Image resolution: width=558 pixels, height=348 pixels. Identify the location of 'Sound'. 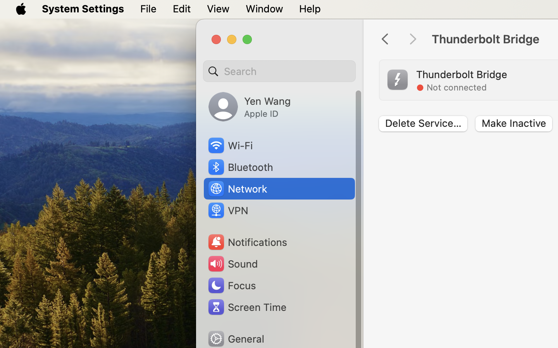
(232, 263).